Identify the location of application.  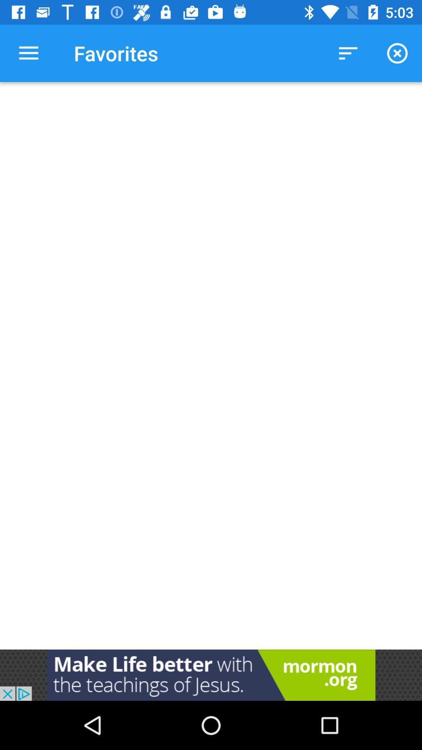
(211, 675).